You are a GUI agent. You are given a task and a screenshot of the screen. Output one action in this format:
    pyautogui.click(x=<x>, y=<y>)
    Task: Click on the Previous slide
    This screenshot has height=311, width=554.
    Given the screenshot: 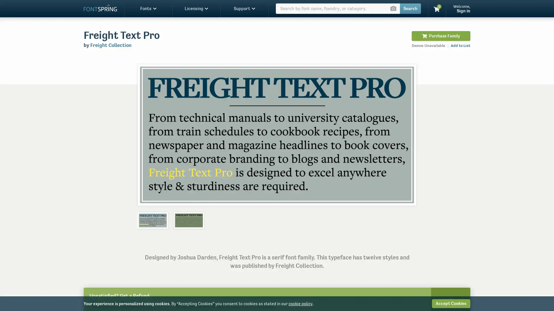 What is the action you would take?
    pyautogui.click(x=148, y=134)
    